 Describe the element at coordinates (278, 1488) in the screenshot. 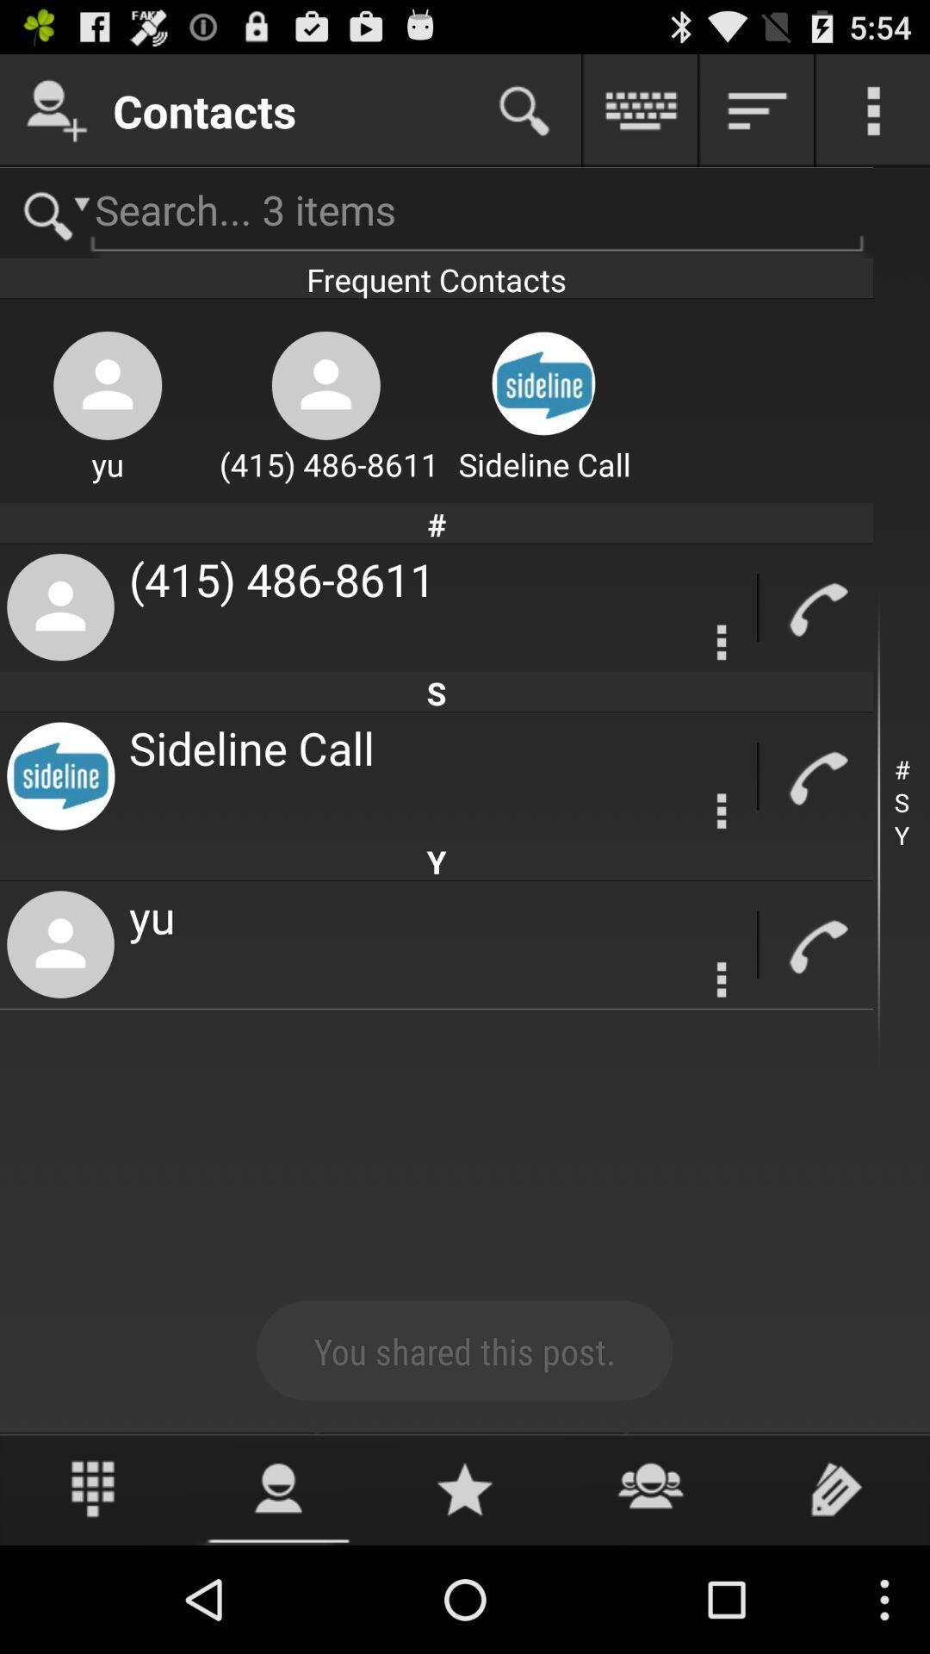

I see `contact option` at that location.